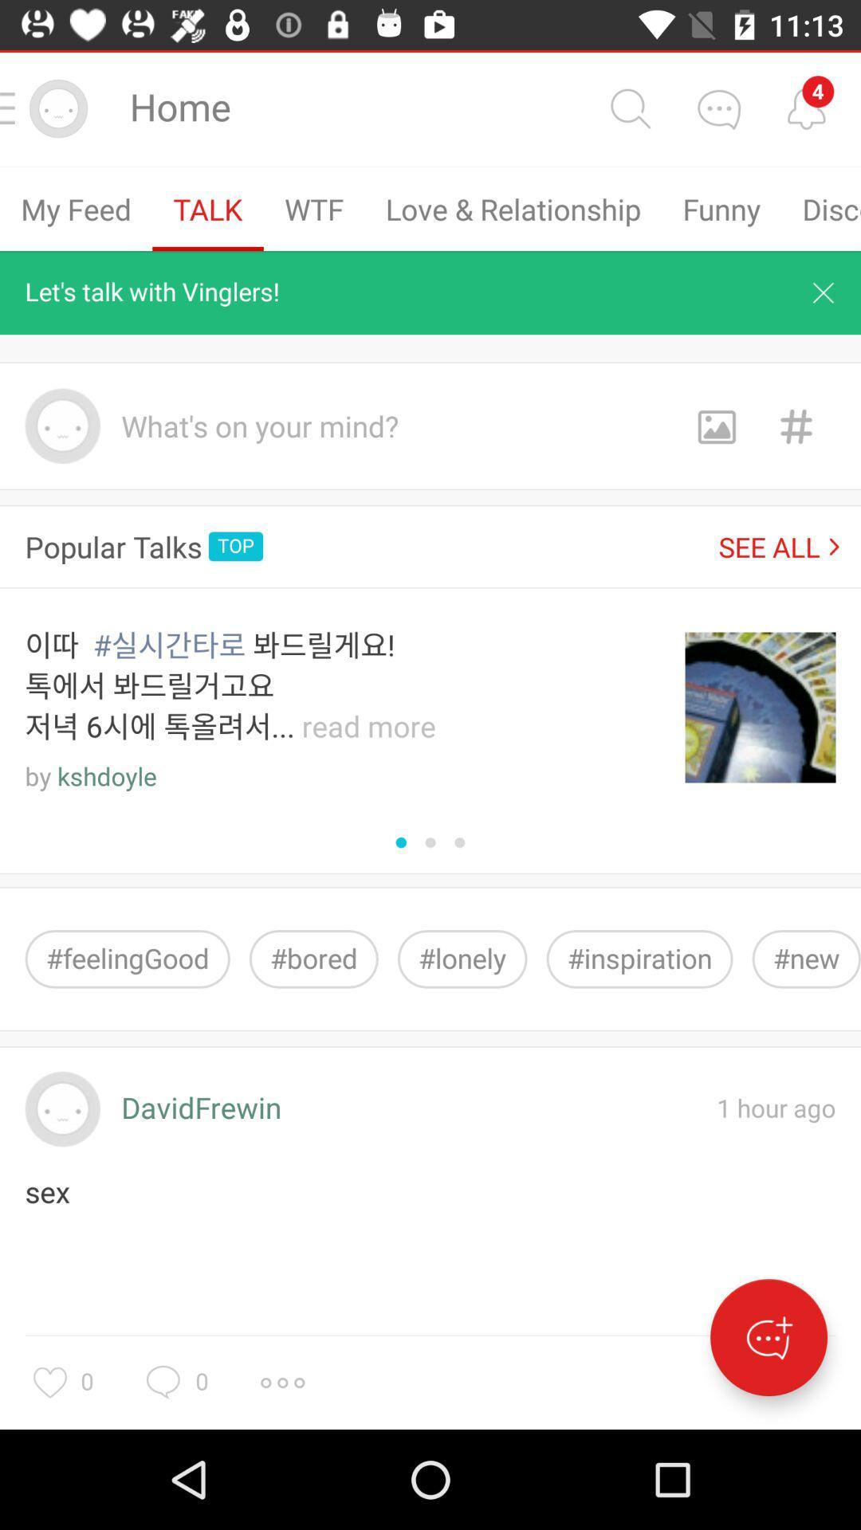  What do you see at coordinates (629, 108) in the screenshot?
I see `the search icon` at bounding box center [629, 108].